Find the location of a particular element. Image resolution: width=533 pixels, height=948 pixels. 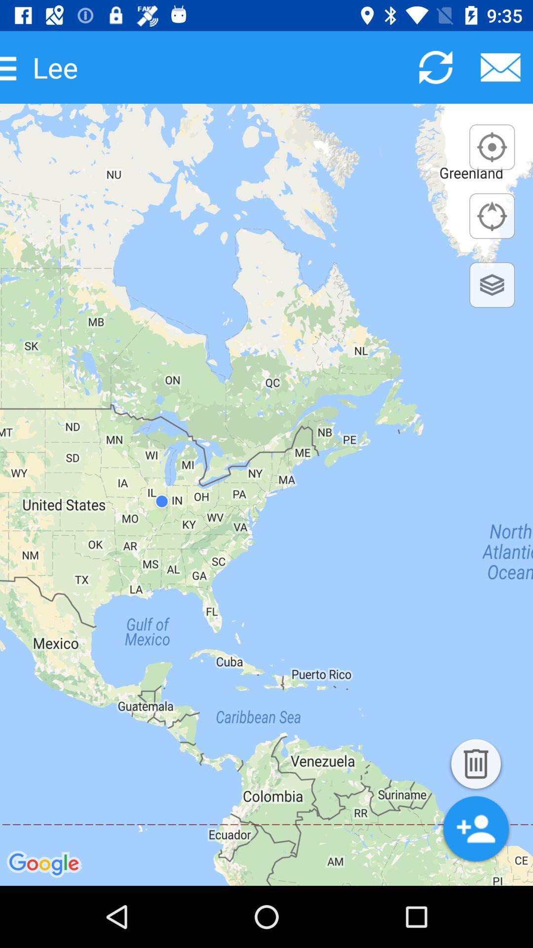

icon at the center is located at coordinates (266, 495).